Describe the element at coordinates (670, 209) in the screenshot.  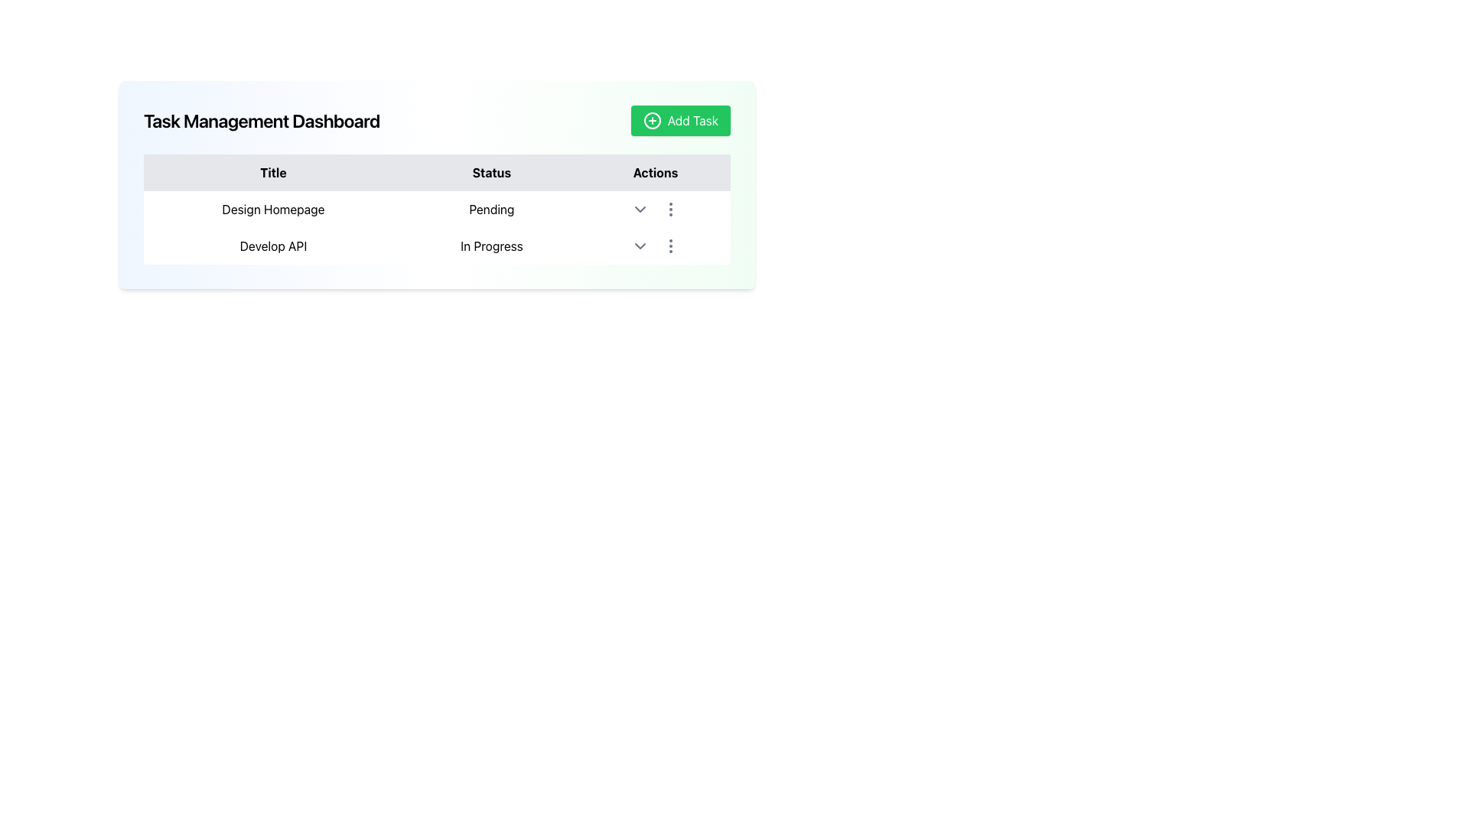
I see `the vertical ellipsis button in the 'Actions' column of the task table for the task titled 'Design Homepage'` at that location.